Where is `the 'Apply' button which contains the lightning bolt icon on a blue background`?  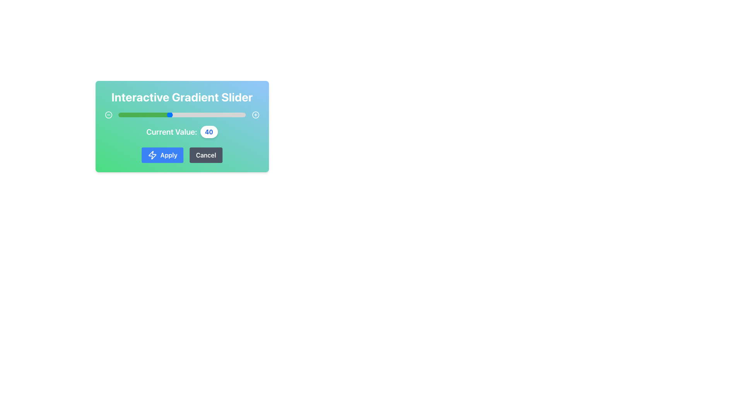 the 'Apply' button which contains the lightning bolt icon on a blue background is located at coordinates (152, 155).